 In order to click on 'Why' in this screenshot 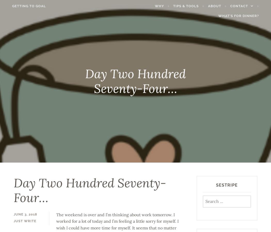, I will do `click(160, 5)`.